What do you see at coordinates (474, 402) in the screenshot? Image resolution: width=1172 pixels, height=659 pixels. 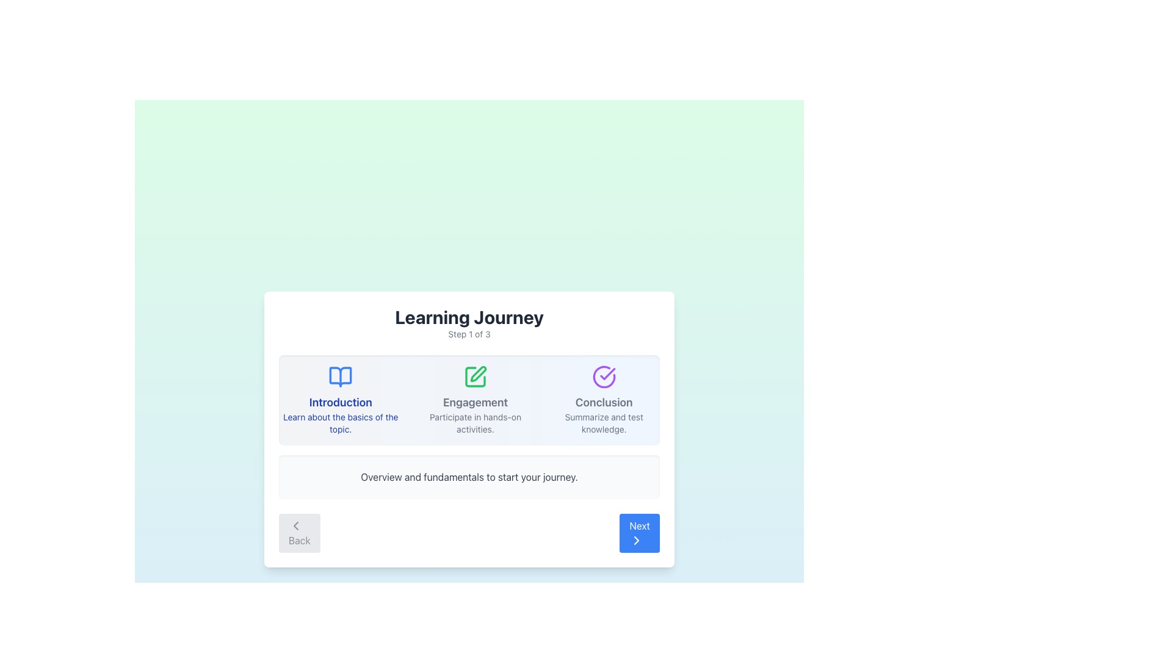 I see `the text label that serves as a header or title for the card section, located below a green pen icon and centrally positioned within the card` at bounding box center [474, 402].